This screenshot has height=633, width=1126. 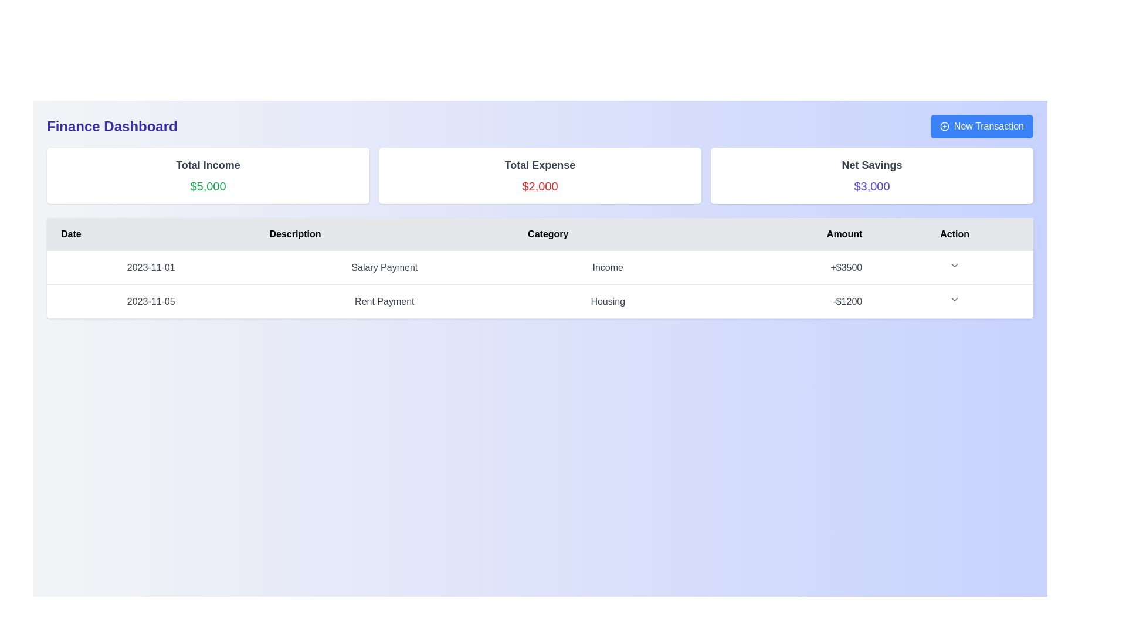 I want to click on the static text label displaying the date in the second row of the tabular data layout, which is the leftmost entry in the 'Date' column, so click(x=150, y=301).